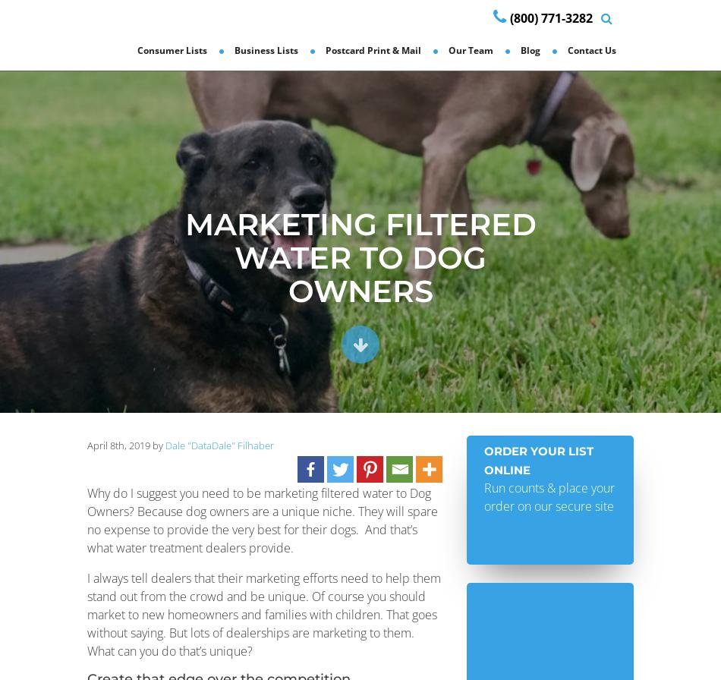  What do you see at coordinates (475, 238) in the screenshot?
I see `'Reviews'` at bounding box center [475, 238].